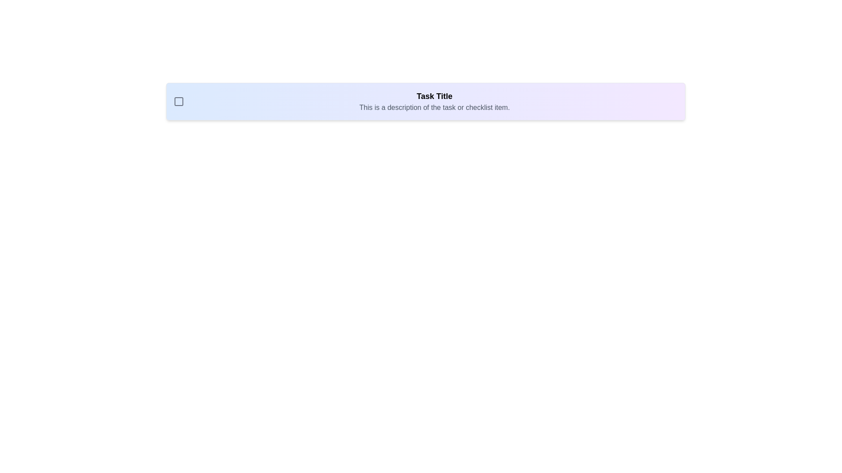  What do you see at coordinates (178, 101) in the screenshot?
I see `the square-shaped checkbox icon with rounded corners, located on the left side of the task description panel, to trigger hover effects` at bounding box center [178, 101].